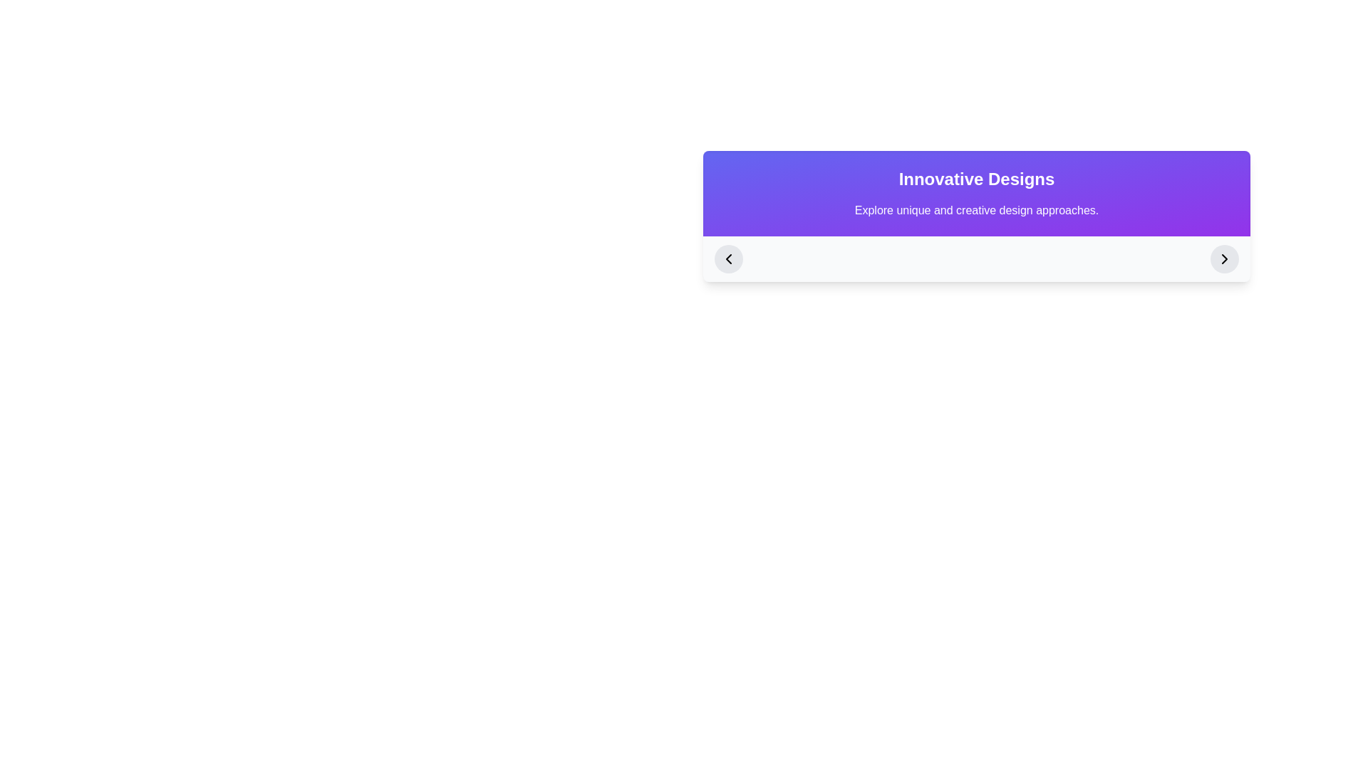 This screenshot has height=769, width=1368. Describe the element at coordinates (728, 258) in the screenshot. I see `the navigation button located at the left end of the horizontal control bar under 'Innovative Designs'` at that location.